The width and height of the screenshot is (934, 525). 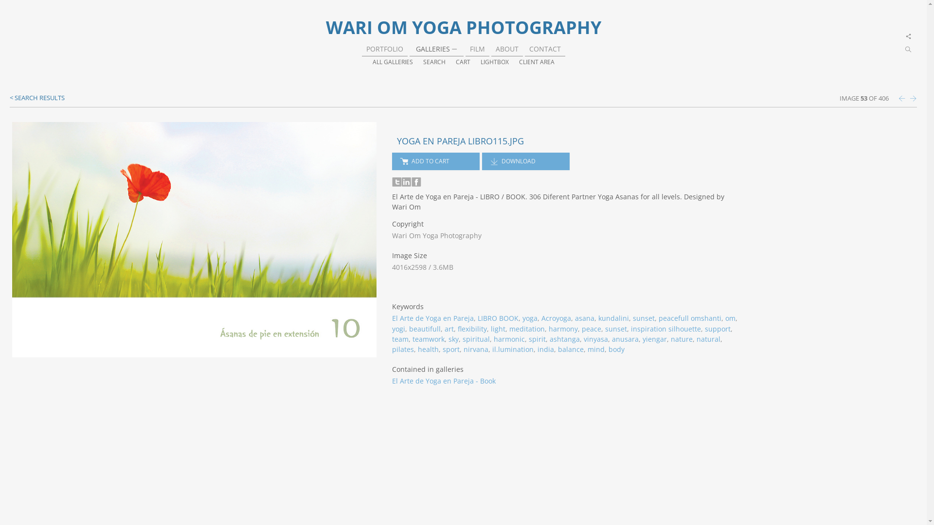 What do you see at coordinates (495, 62) in the screenshot?
I see `'LIGHTBOX'` at bounding box center [495, 62].